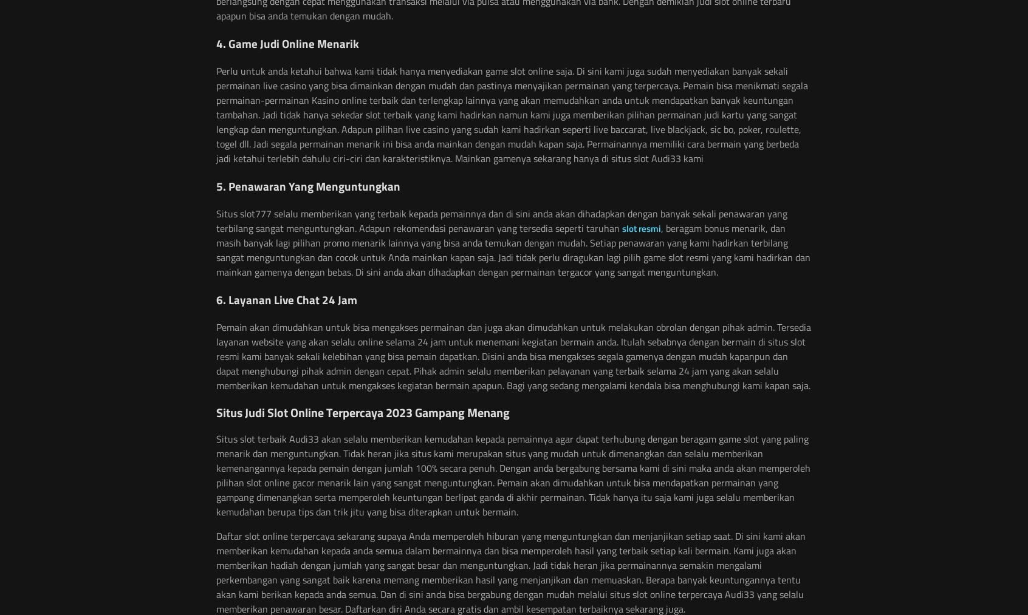 The image size is (1028, 615). What do you see at coordinates (513, 475) in the screenshot?
I see `'Situs slot terbaik Audi33 akan selalu memberikan kemudahan kepada pemainnya agar dapat terhubung dengan beragam game slot yang paling menarik dan menguntungkan. Tidak heran jika situs kami merupakan situs yang mudah untuk dimenangkan dan selalu memberikan kemenangannya kepada pemain dengan jumlah 100% secara penuh. Dengan anda bergabung bersama kami di sini maka anda akan memperoleh pilihan slot online gacor menarik lain yang sangat menguntungkan. Pemain akan dimudahkan untuk bisa mendapatkan permainan yang gampang dimenangkan serta memperoleh keuntungan berlipat ganda di akhir permainan. Tidak hanya itu saja kami juga selalu memberikan kemudahan berupa tips dan trik jitu yang bisa diterapkan untuk bermain.'` at bounding box center [513, 475].